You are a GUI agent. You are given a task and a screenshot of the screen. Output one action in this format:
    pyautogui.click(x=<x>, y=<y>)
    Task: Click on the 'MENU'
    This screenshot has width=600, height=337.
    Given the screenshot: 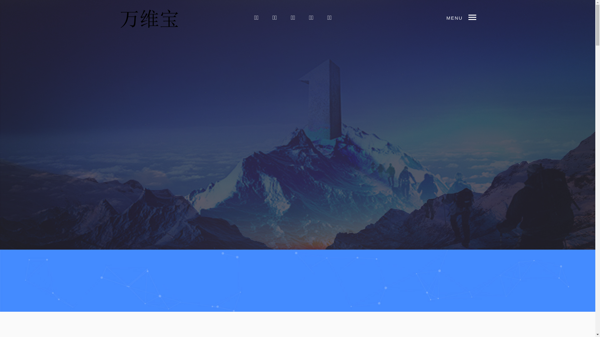 What is the action you would take?
    pyautogui.click(x=475, y=17)
    